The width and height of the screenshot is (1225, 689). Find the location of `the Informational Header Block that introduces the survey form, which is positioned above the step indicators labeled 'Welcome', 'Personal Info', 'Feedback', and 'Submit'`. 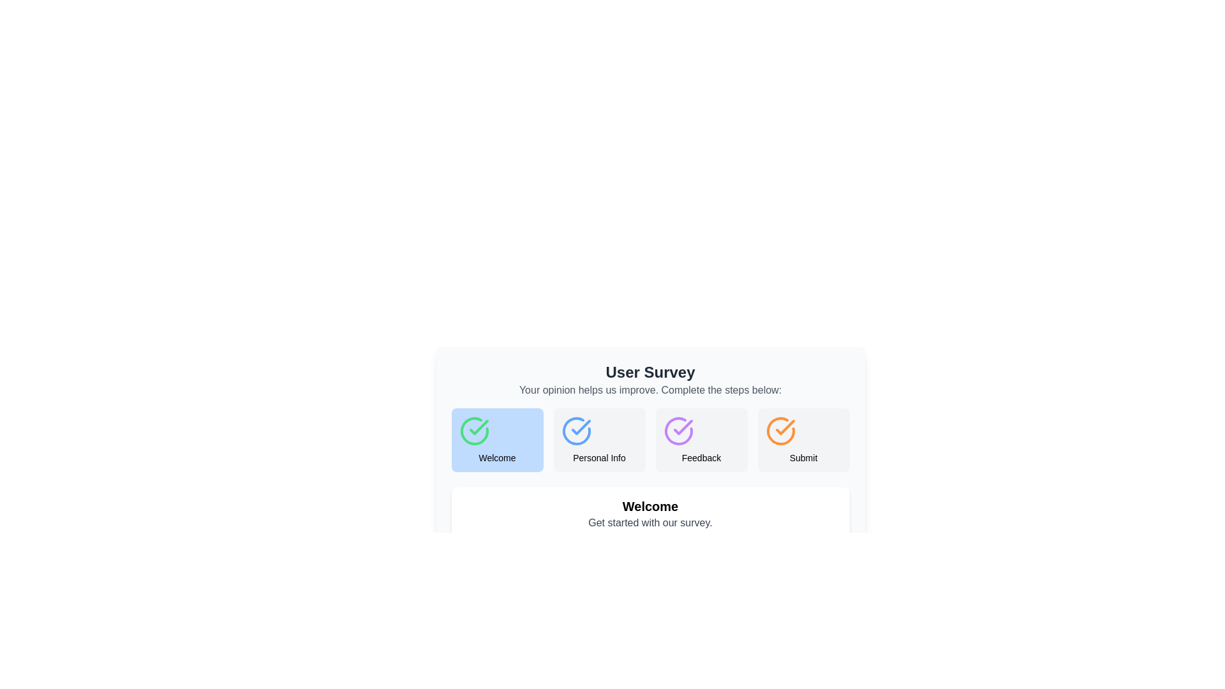

the Informational Header Block that introduces the survey form, which is positioned above the step indicators labeled 'Welcome', 'Personal Info', 'Feedback', and 'Submit' is located at coordinates (650, 380).